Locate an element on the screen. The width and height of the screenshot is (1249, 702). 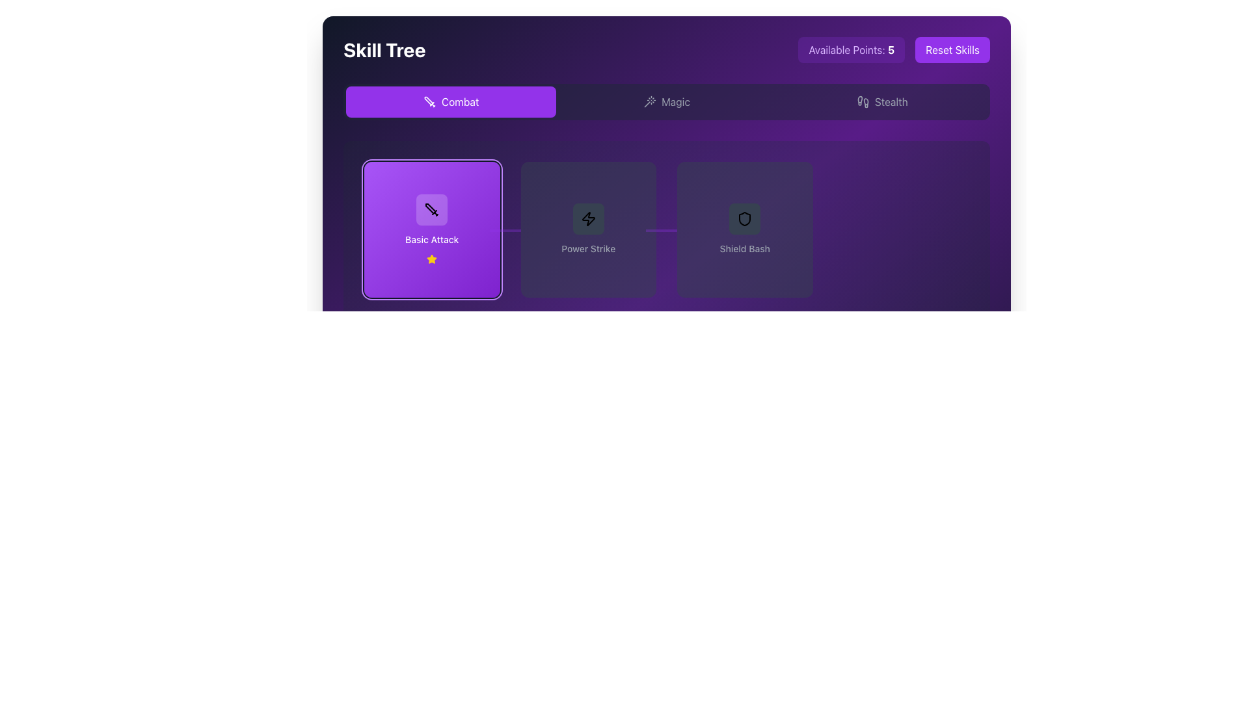
the 'Shield Bash' skill icon located in the second row and third column of the skill tree selection system if it is interactive is located at coordinates (745, 218).